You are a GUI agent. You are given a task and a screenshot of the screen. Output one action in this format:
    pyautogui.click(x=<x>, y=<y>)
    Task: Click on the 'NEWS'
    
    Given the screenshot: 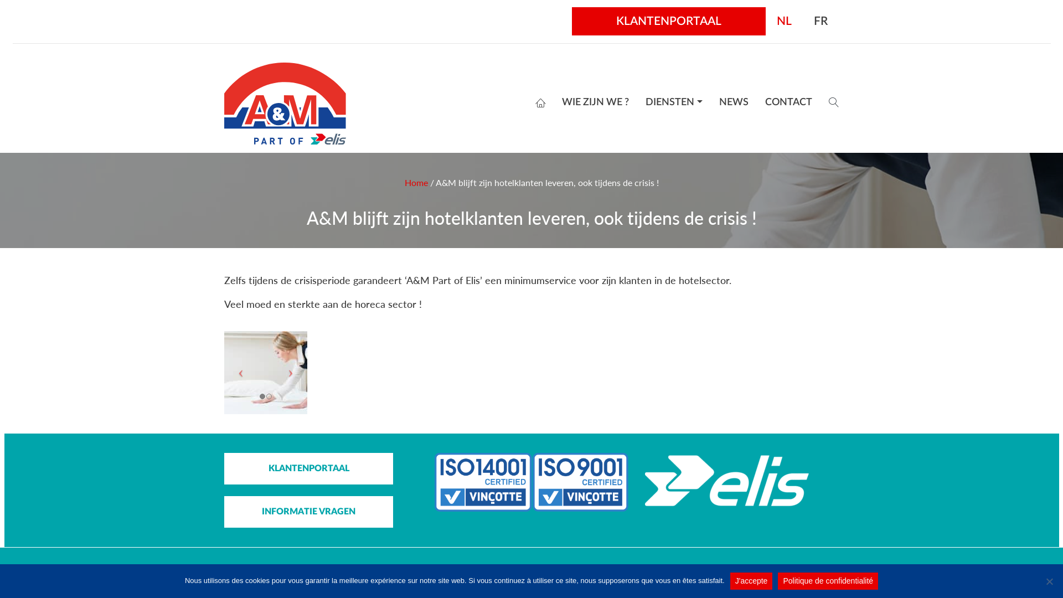 What is the action you would take?
    pyautogui.click(x=734, y=102)
    